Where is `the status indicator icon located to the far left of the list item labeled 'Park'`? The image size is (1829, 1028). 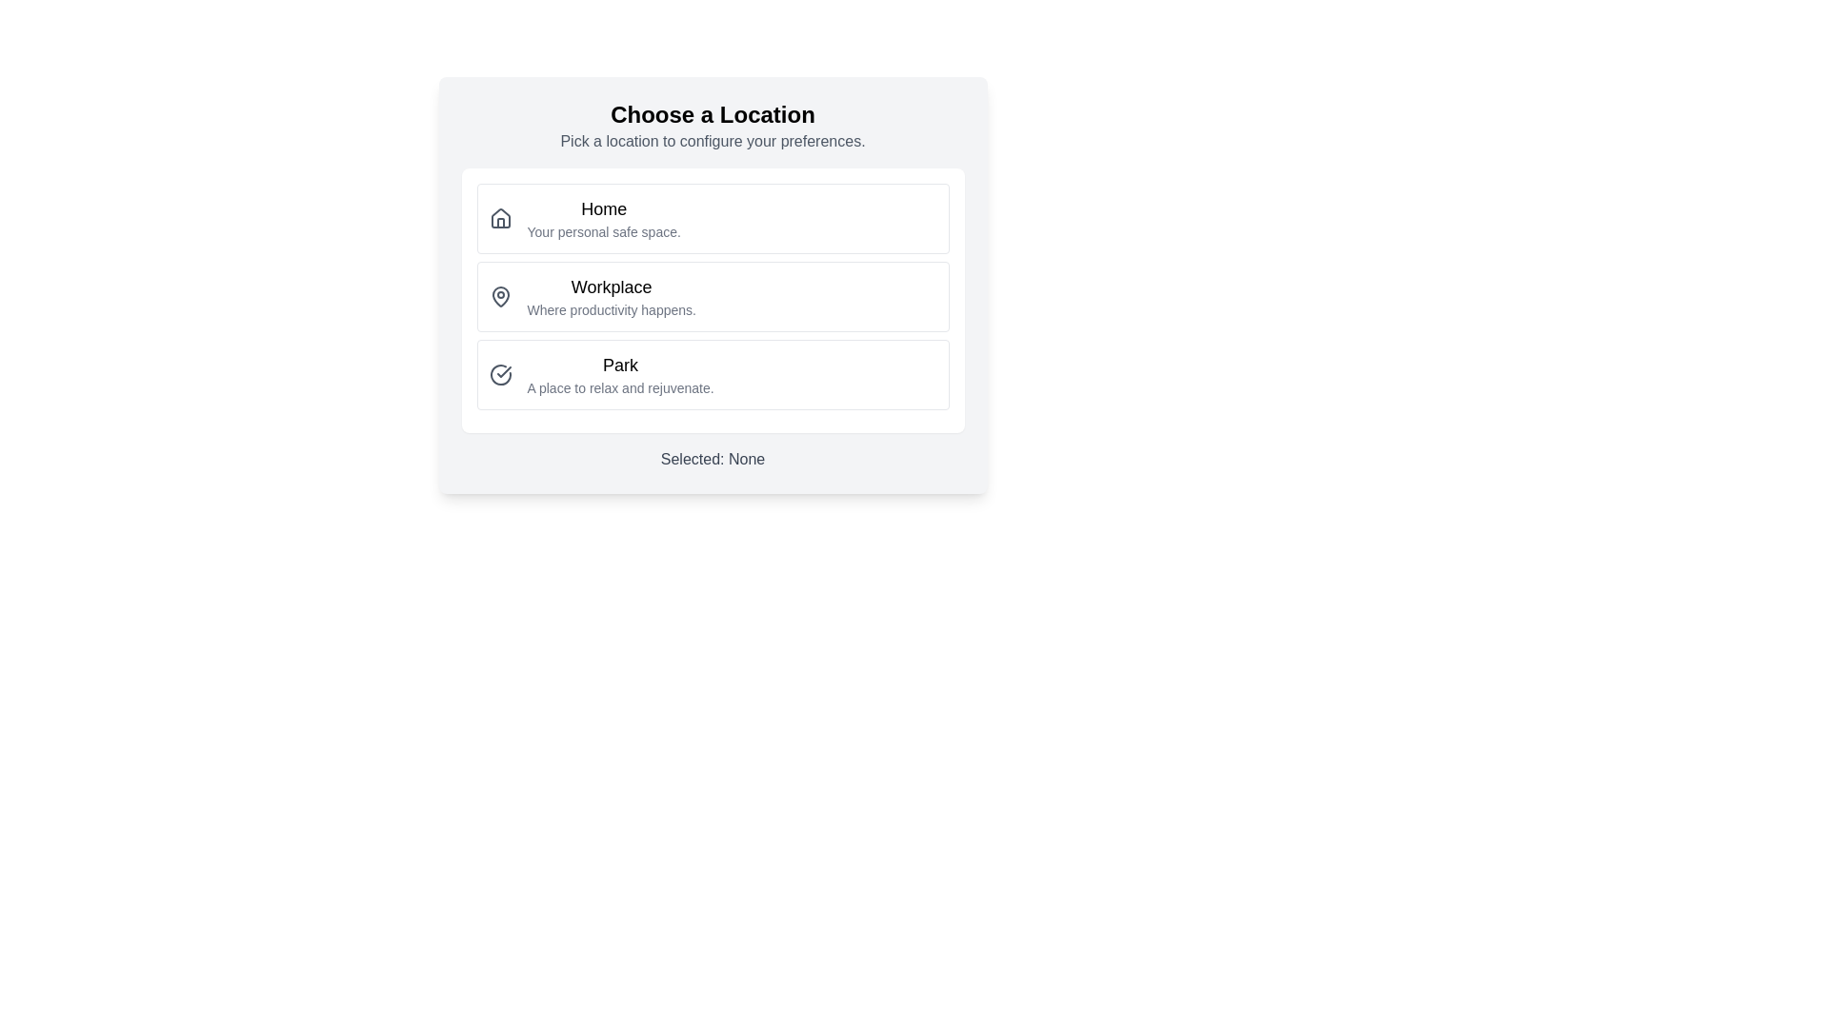 the status indicator icon located to the far left of the list item labeled 'Park' is located at coordinates (500, 374).